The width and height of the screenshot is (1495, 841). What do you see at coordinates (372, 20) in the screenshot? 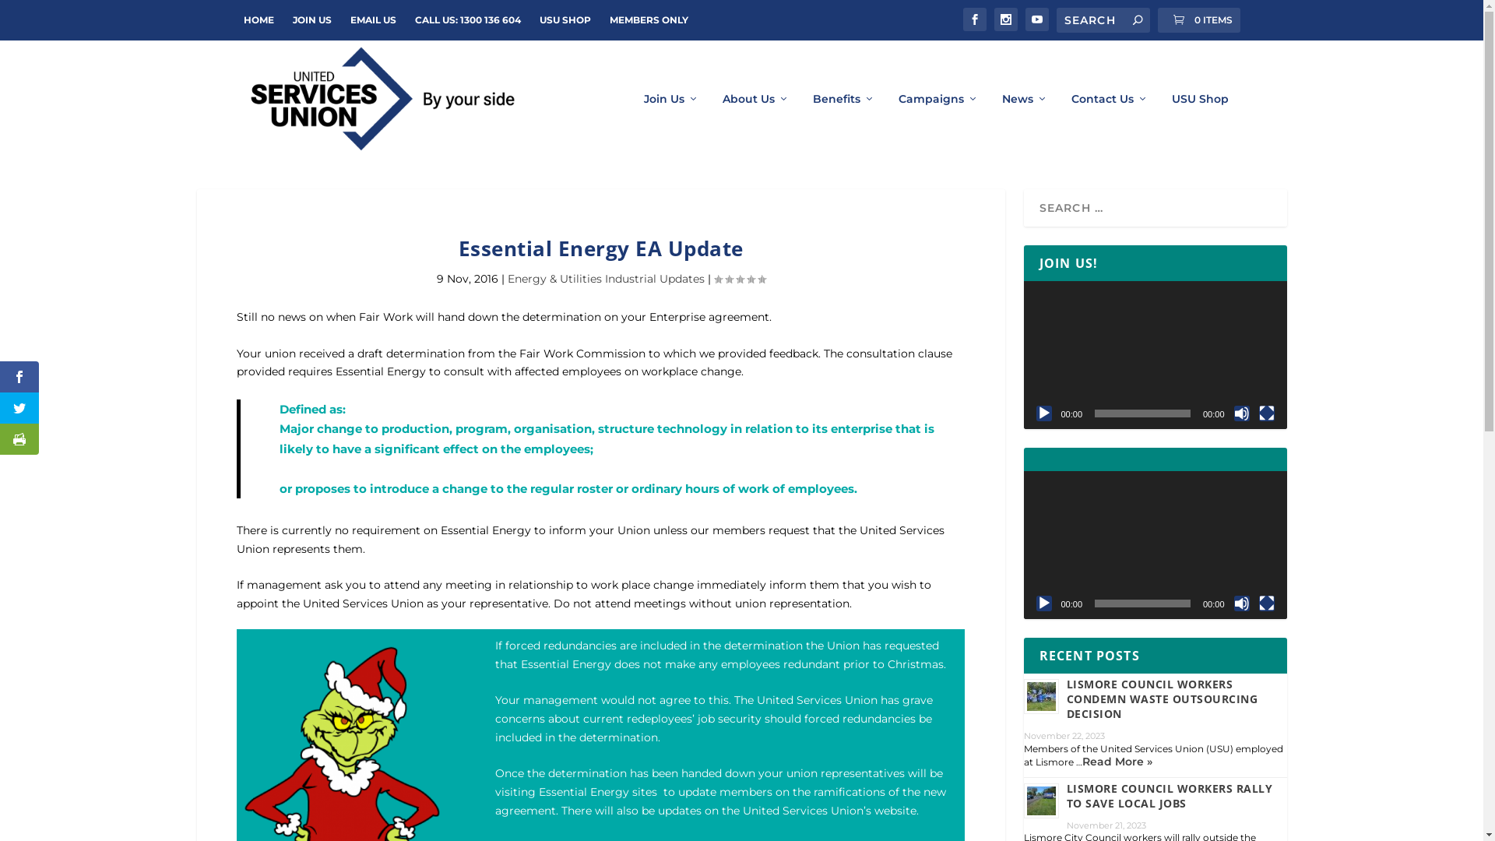
I see `'EMAIL US'` at bounding box center [372, 20].